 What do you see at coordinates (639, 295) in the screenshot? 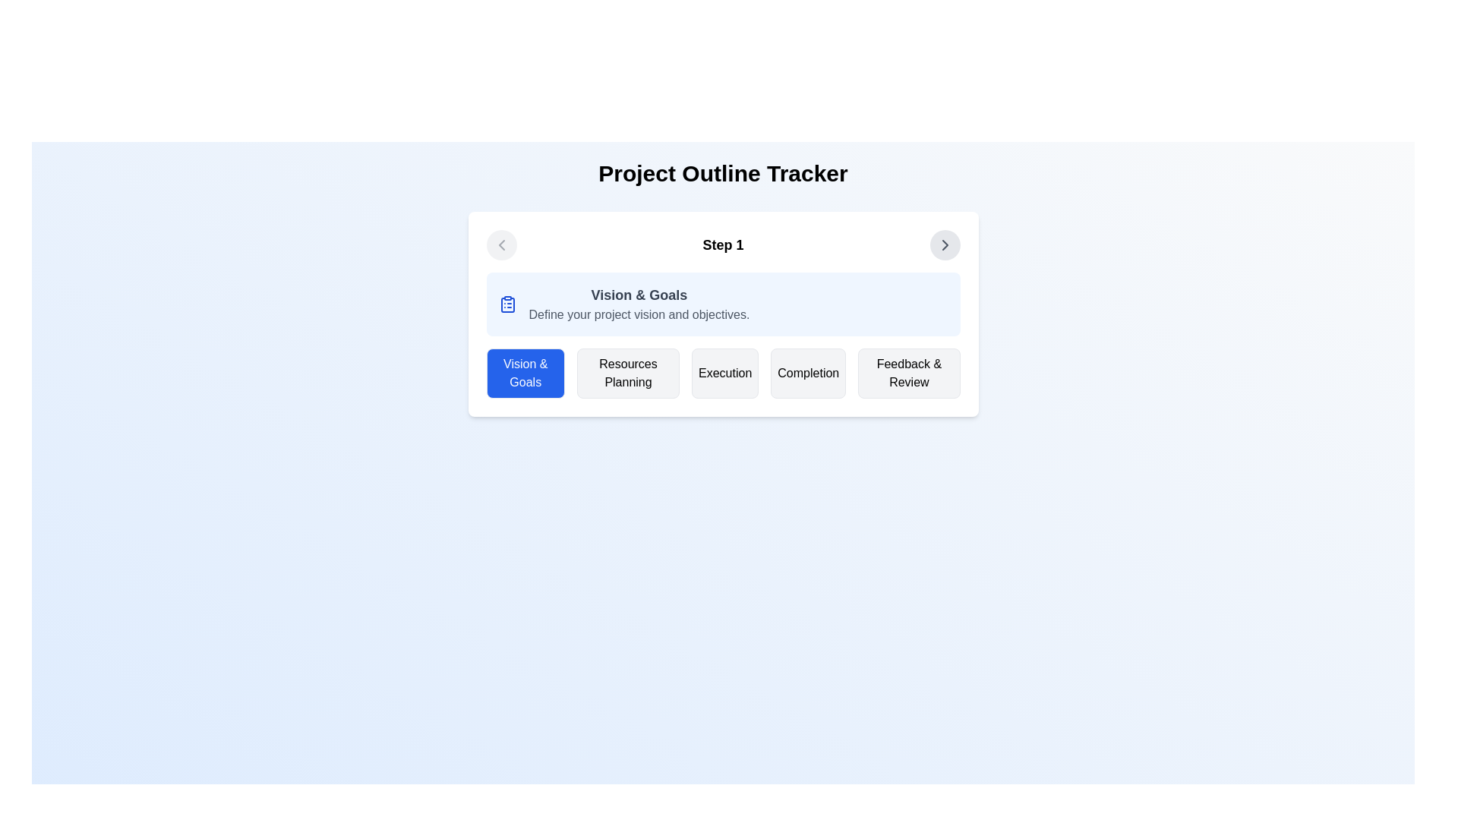
I see `the text heading that summarizes the topic of the current step in the project outline tracker, located in the 'Step 1' section` at bounding box center [639, 295].